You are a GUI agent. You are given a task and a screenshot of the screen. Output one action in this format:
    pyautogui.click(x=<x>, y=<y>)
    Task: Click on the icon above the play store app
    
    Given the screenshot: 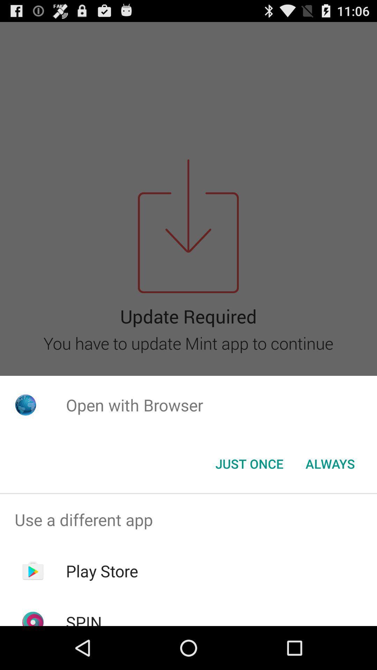 What is the action you would take?
    pyautogui.click(x=188, y=520)
    